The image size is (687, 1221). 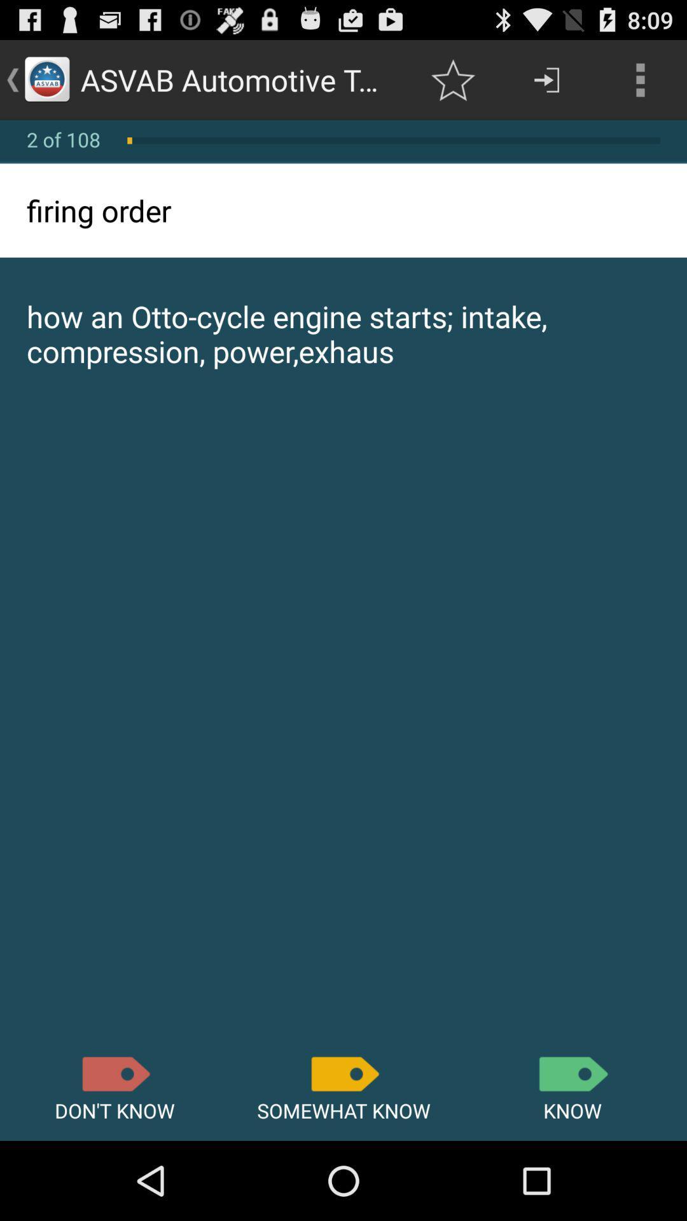 What do you see at coordinates (452, 79) in the screenshot?
I see `the app to the right of the asvab automotive terminologies item` at bounding box center [452, 79].